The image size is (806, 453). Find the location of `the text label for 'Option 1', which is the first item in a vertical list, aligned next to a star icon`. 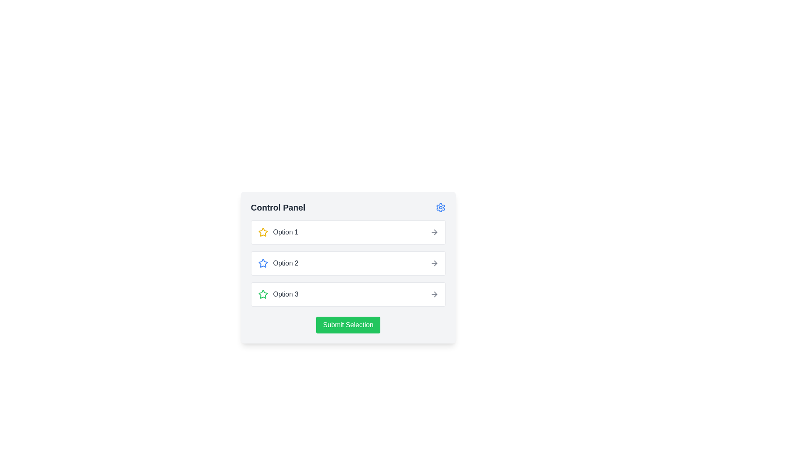

the text label for 'Option 1', which is the first item in a vertical list, aligned next to a star icon is located at coordinates (278, 232).